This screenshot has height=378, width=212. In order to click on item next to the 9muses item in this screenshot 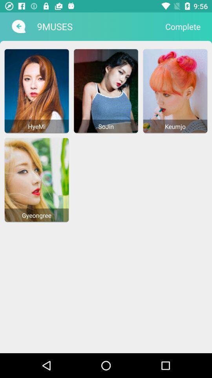, I will do `click(183, 26)`.